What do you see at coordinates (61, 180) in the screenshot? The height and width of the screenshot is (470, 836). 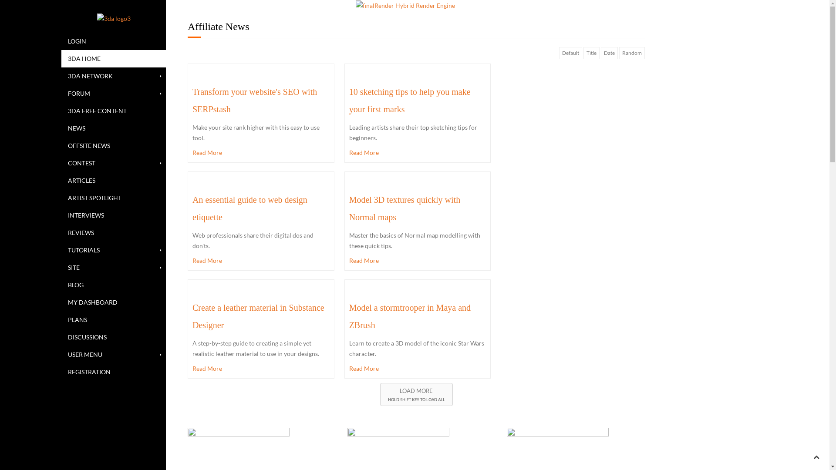 I see `'ARTICLES'` at bounding box center [61, 180].